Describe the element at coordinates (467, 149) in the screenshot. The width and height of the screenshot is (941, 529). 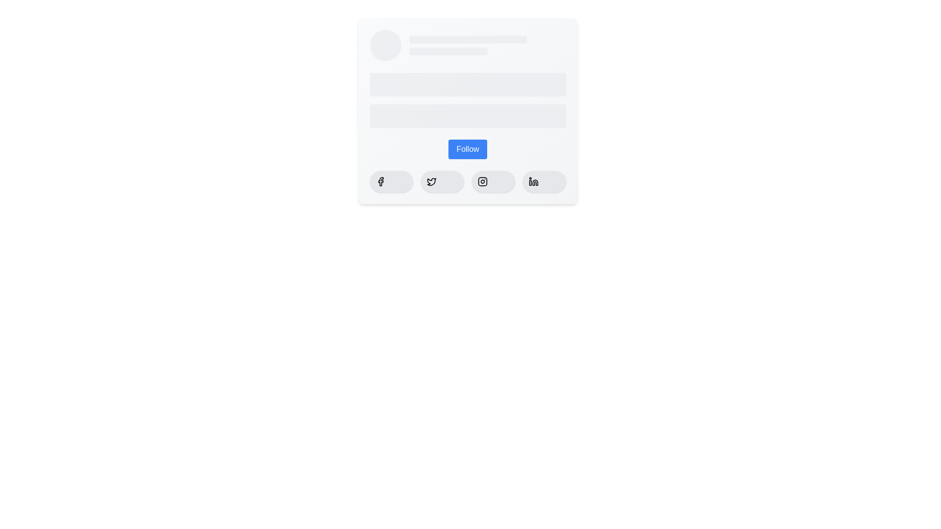
I see `the 'Follow' button with a blue background and white text, located near the bottom section of the interface, above the social media icons` at that location.